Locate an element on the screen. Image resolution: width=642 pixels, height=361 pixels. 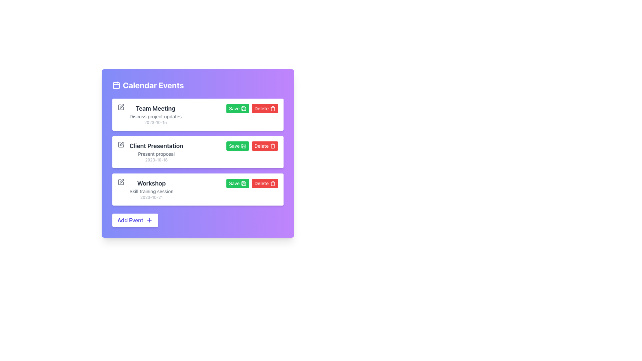
the 'Client Presentation' text label, which is bold and dark gray, located at the top of the second event block in the 'Calendar Events' section is located at coordinates (156, 145).